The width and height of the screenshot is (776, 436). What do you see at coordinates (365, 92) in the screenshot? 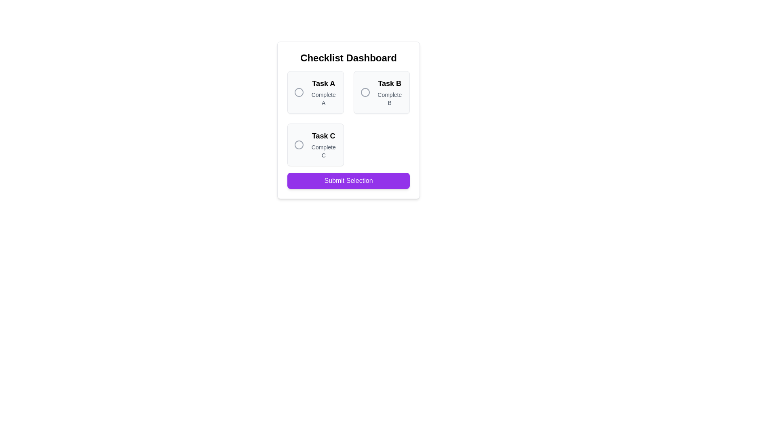
I see `the second circular indicator in the Checklist Dashboard, which represents the state of a task` at bounding box center [365, 92].